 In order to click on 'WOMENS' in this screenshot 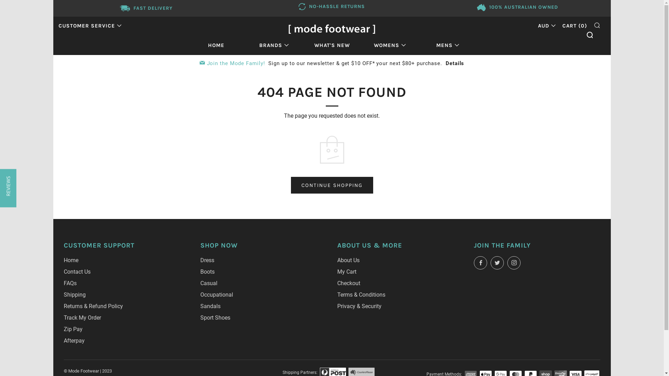, I will do `click(389, 45)`.